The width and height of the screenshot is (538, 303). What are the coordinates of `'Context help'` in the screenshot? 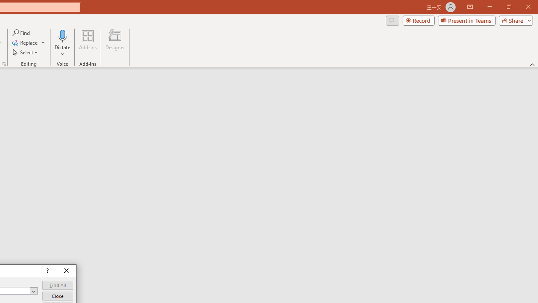 It's located at (46, 271).